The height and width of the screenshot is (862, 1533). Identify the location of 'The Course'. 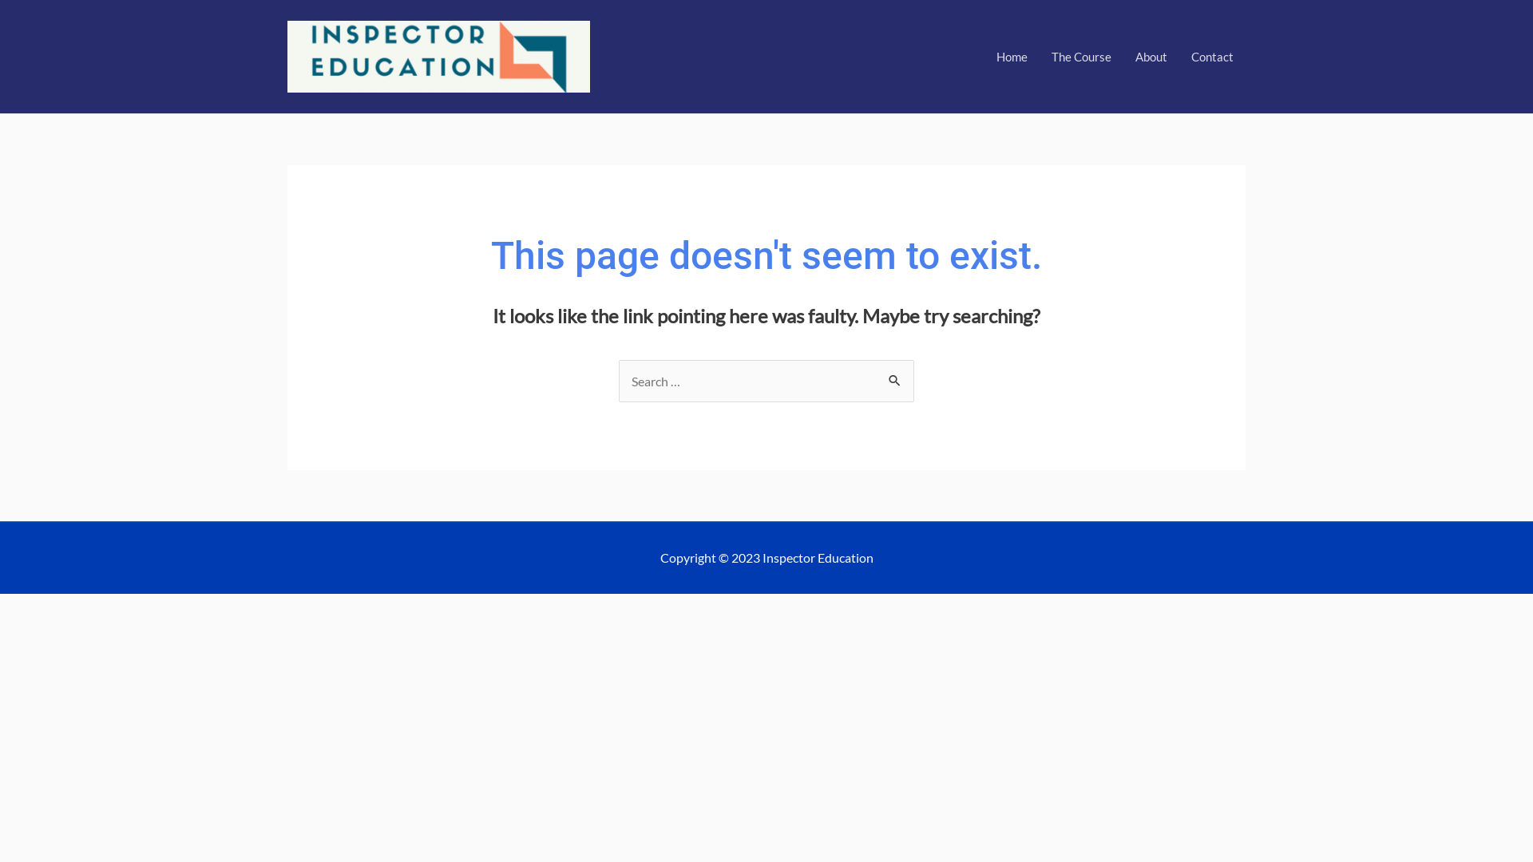
(1039, 55).